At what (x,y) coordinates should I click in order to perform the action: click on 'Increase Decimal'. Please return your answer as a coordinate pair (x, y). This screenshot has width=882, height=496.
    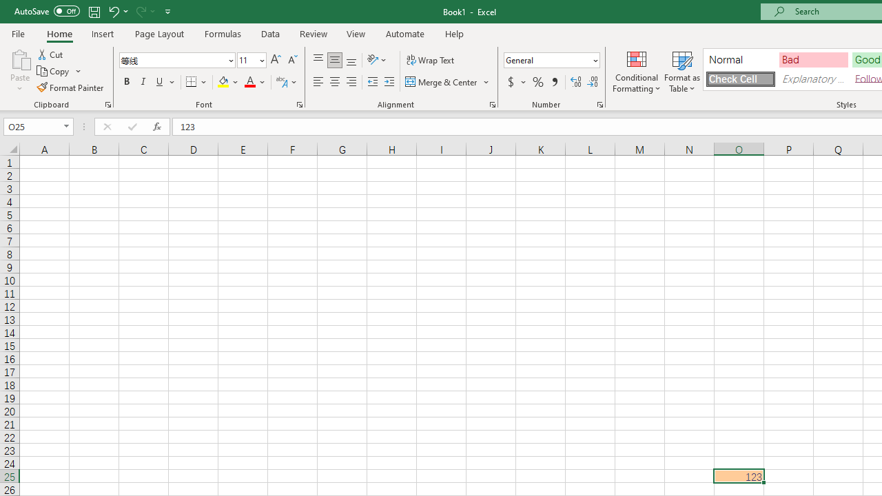
    Looking at the image, I should click on (576, 82).